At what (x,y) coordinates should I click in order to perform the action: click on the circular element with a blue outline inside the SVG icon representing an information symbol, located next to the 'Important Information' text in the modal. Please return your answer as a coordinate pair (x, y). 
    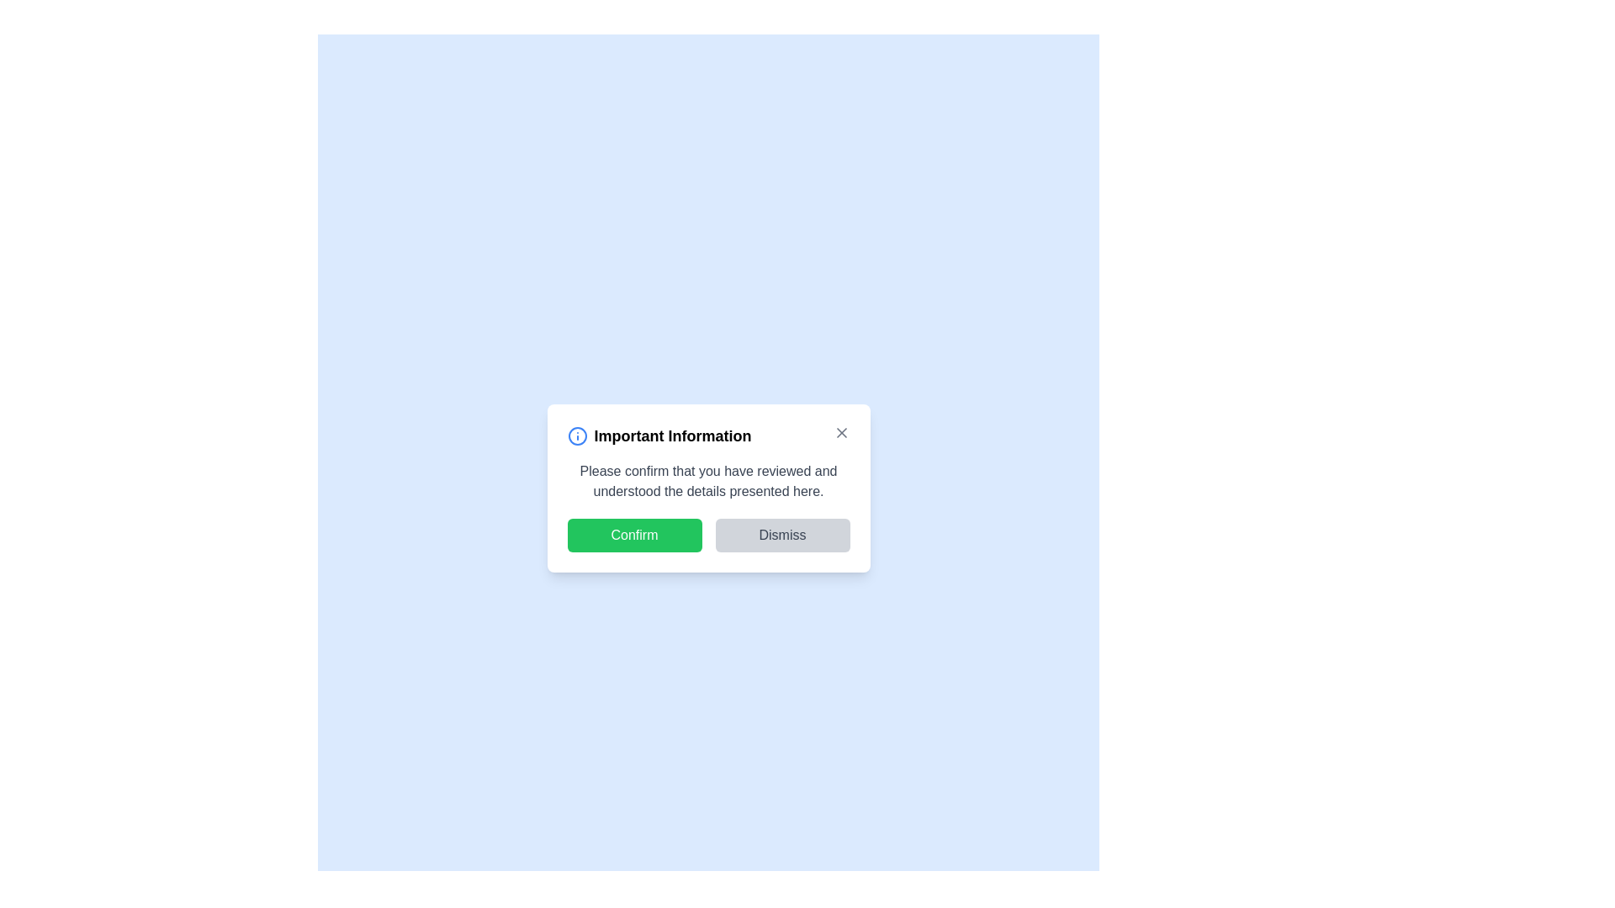
    Looking at the image, I should click on (577, 436).